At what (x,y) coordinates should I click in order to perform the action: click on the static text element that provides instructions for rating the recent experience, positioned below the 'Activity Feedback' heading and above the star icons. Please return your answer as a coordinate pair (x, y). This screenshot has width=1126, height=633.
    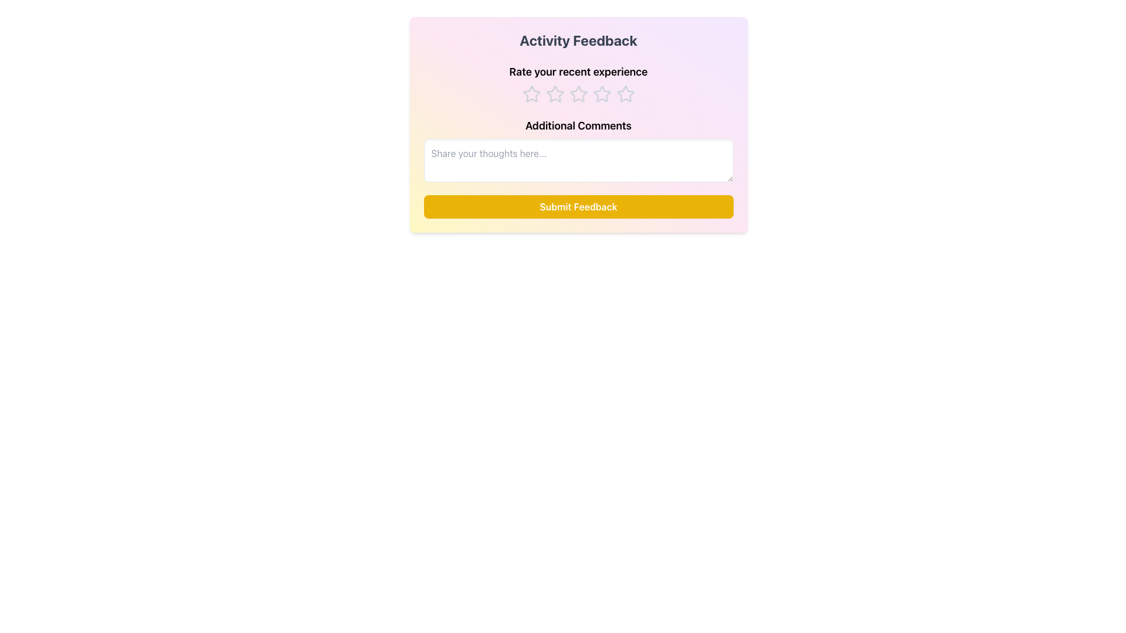
    Looking at the image, I should click on (578, 72).